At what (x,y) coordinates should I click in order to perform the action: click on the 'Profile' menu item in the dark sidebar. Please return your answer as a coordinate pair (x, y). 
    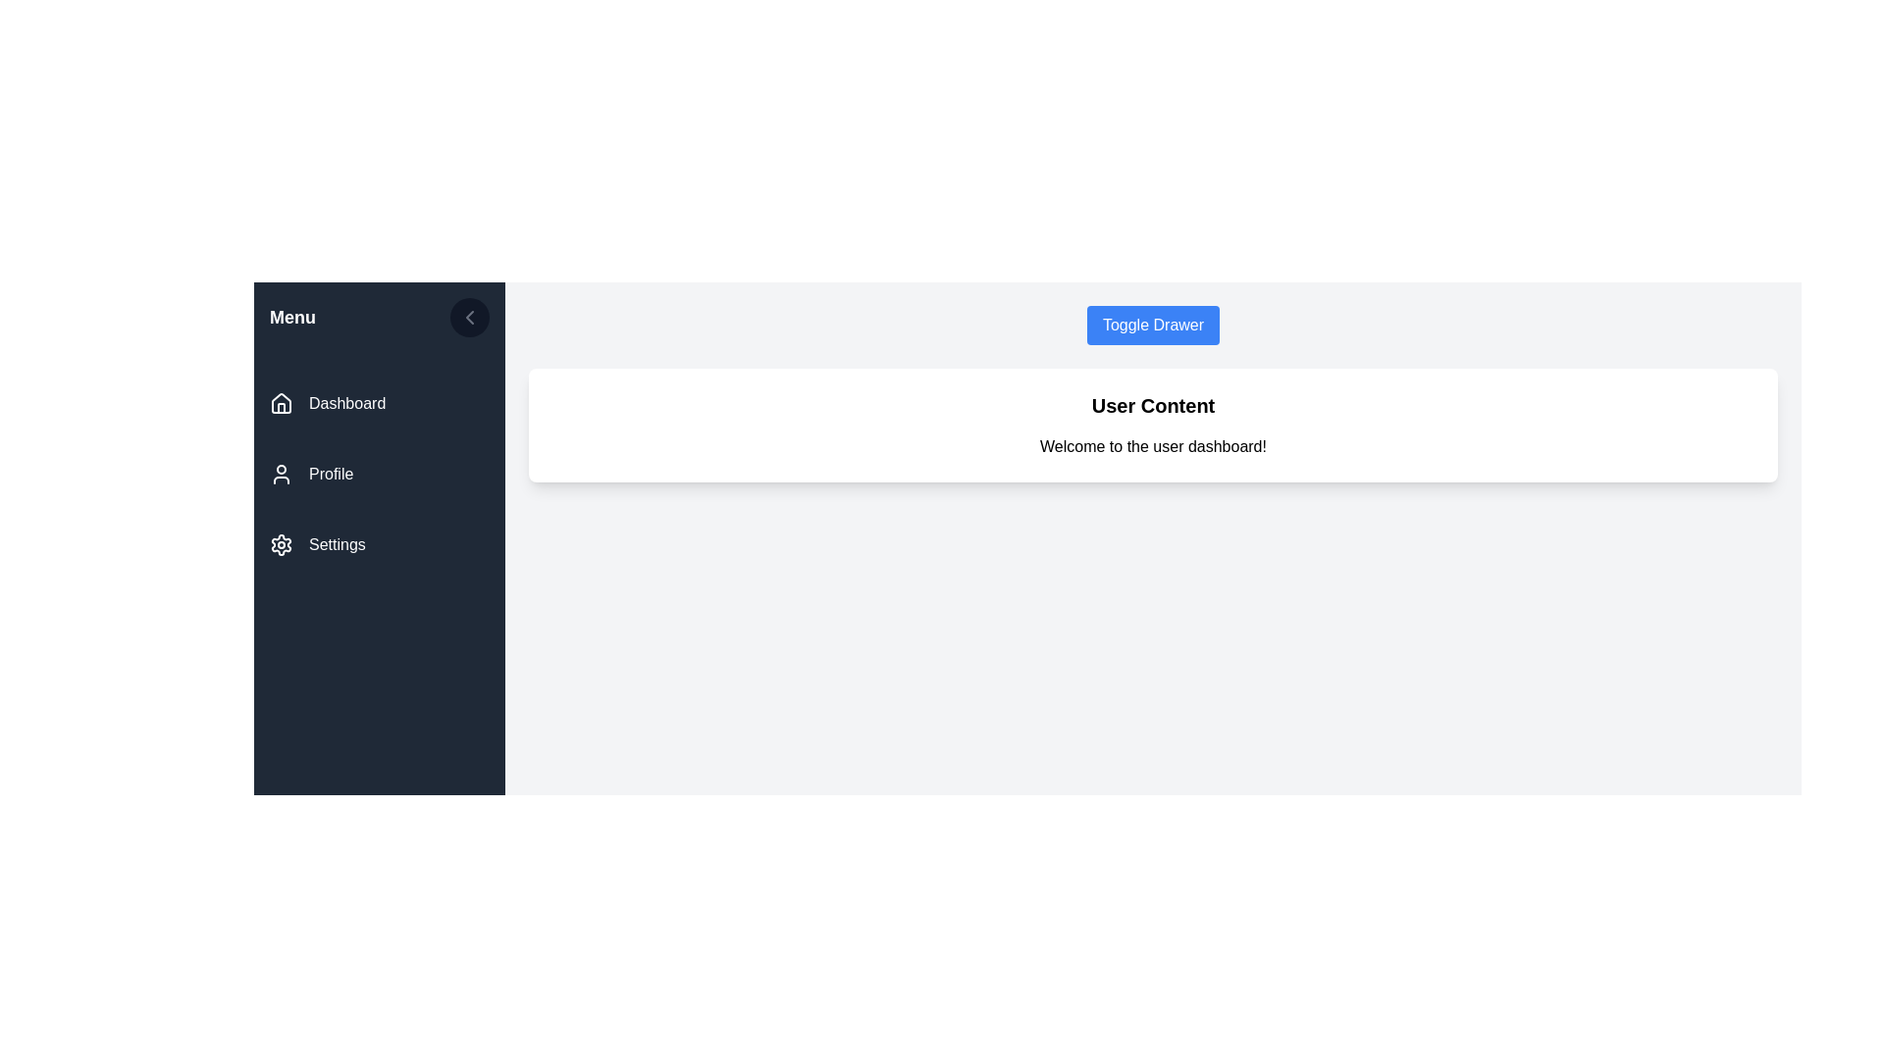
    Looking at the image, I should click on (380, 474).